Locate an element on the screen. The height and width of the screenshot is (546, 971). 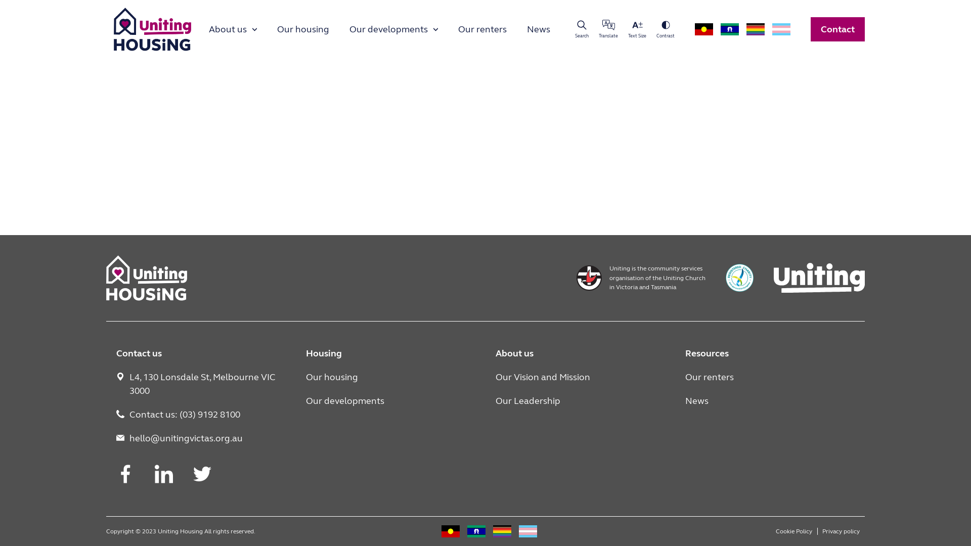
'Contact' is located at coordinates (811, 28).